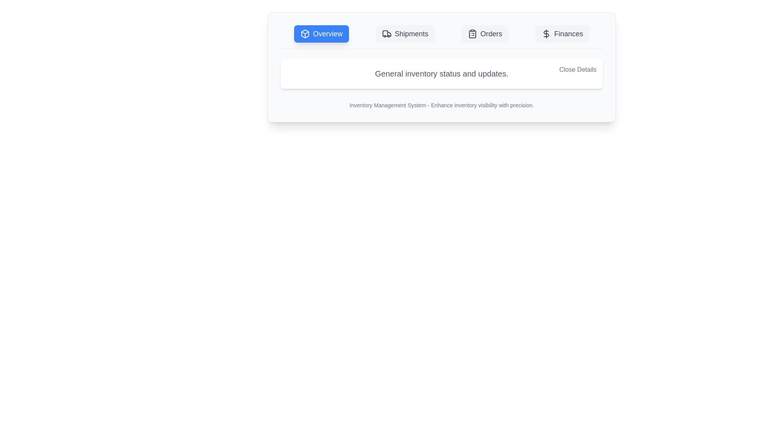 Image resolution: width=758 pixels, height=426 pixels. Describe the element at coordinates (405, 33) in the screenshot. I see `the tab Shipments to observe the hover state effect` at that location.